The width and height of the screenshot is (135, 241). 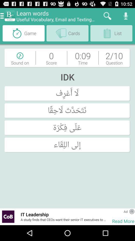 I want to click on it leadership icon, so click(x=64, y=214).